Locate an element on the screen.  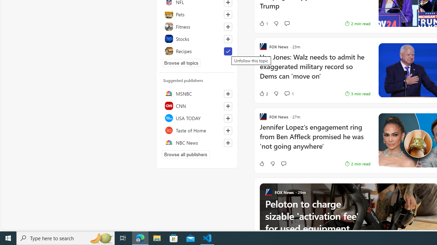
'CNN' is located at coordinates (197, 106).